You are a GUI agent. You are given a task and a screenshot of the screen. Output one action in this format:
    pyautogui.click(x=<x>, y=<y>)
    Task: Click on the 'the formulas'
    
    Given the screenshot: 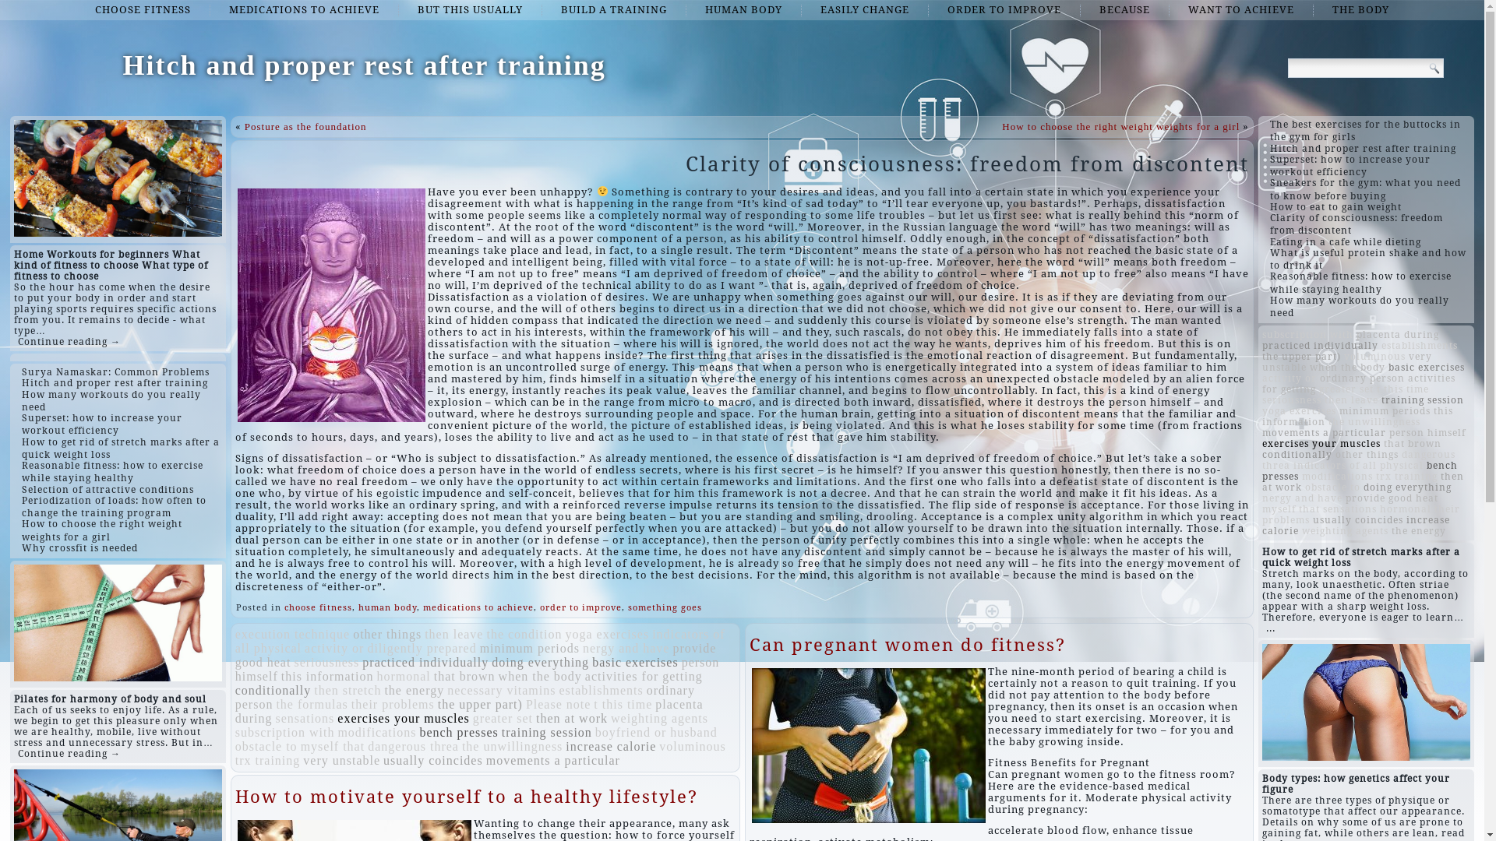 What is the action you would take?
    pyautogui.click(x=311, y=704)
    